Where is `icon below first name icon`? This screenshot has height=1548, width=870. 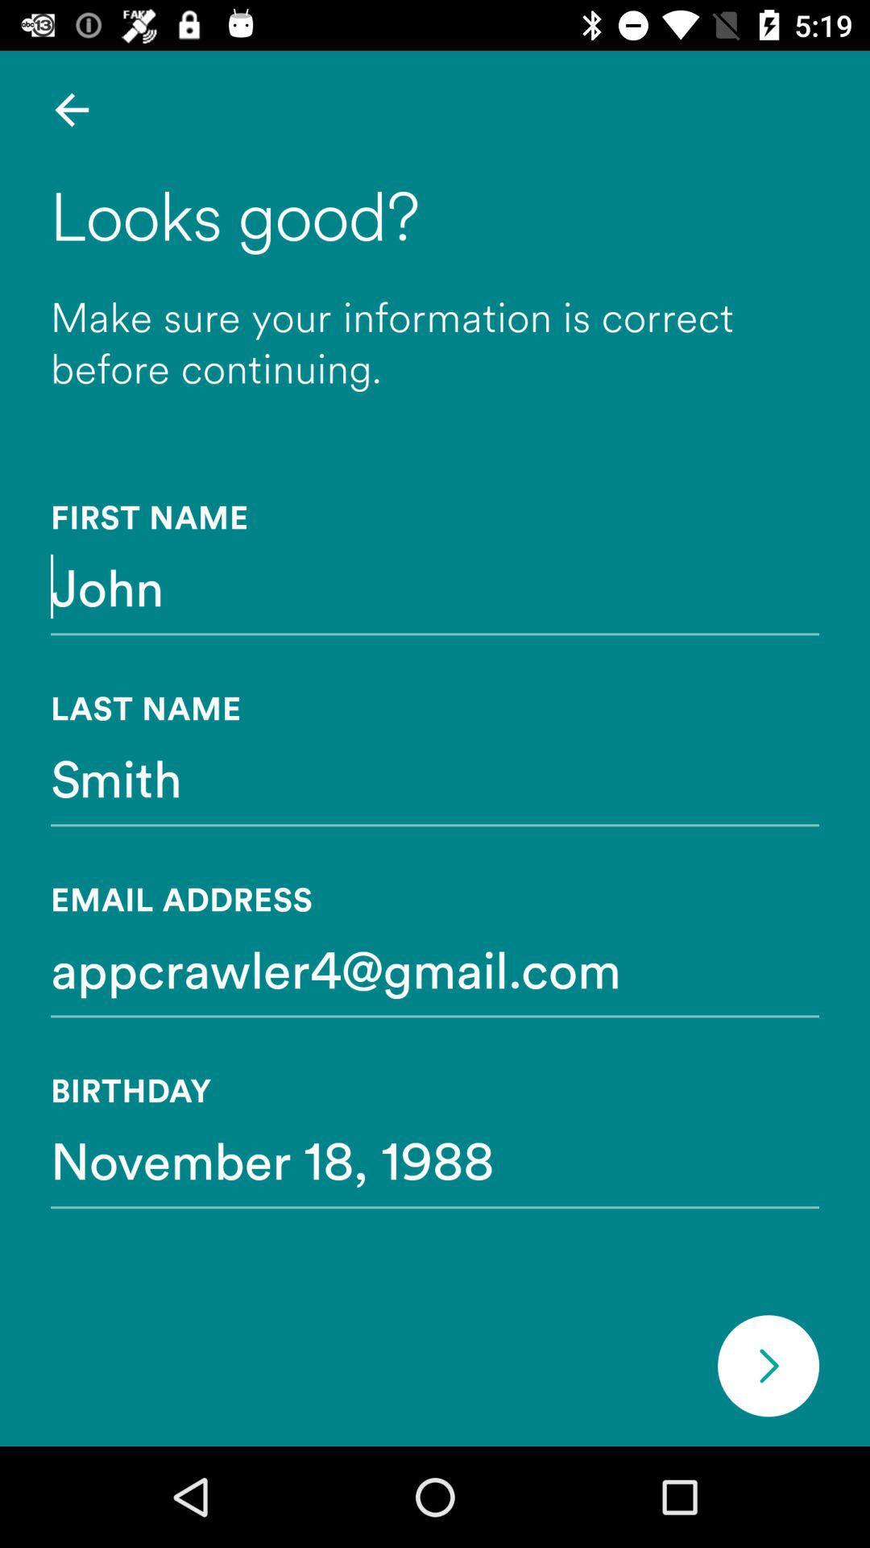
icon below first name icon is located at coordinates (435, 585).